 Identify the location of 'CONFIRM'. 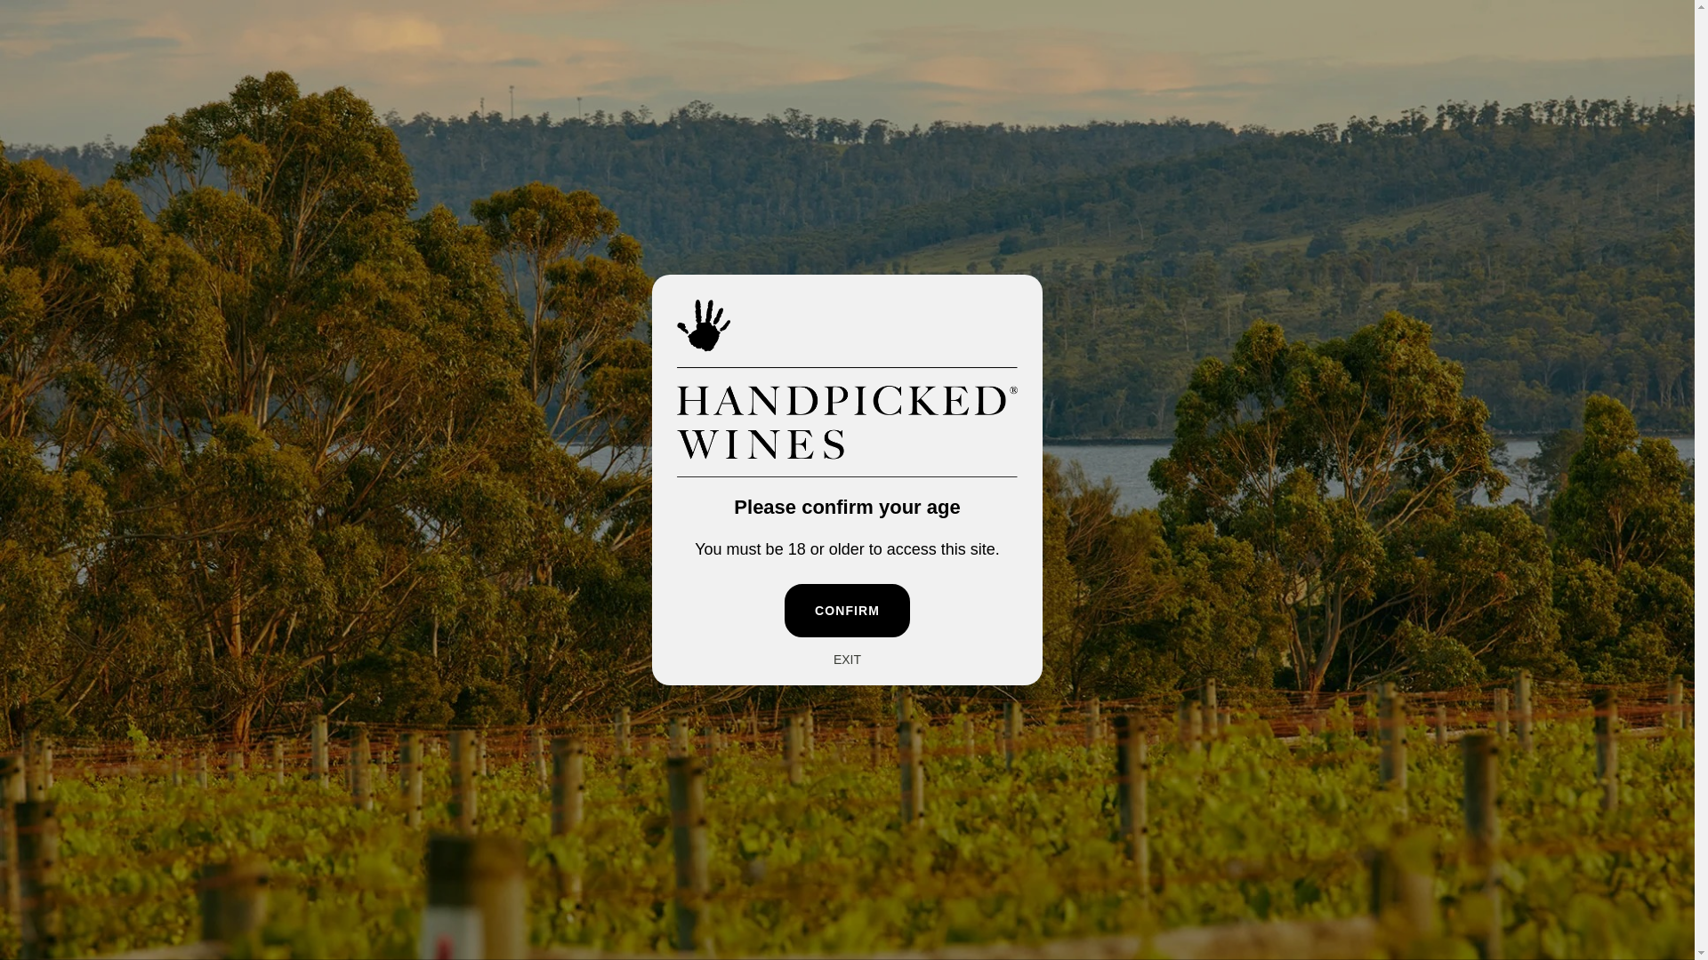
(846, 609).